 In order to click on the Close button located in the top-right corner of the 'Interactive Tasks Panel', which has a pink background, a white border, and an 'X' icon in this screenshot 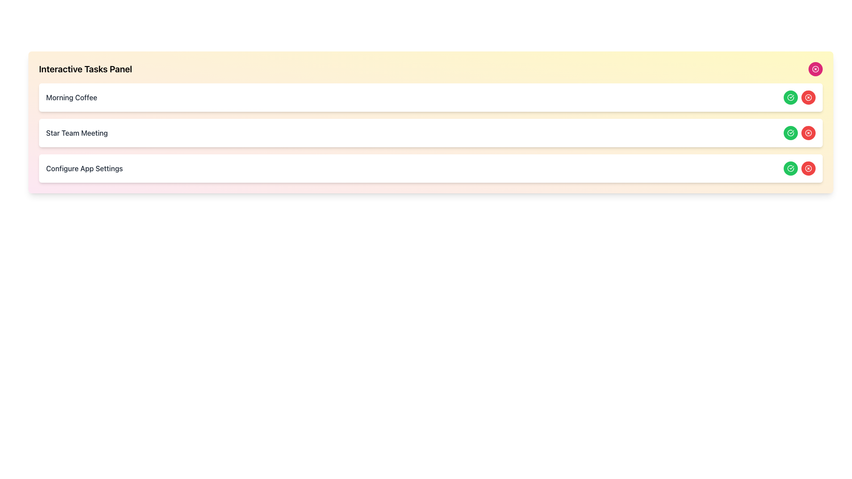, I will do `click(816, 68)`.